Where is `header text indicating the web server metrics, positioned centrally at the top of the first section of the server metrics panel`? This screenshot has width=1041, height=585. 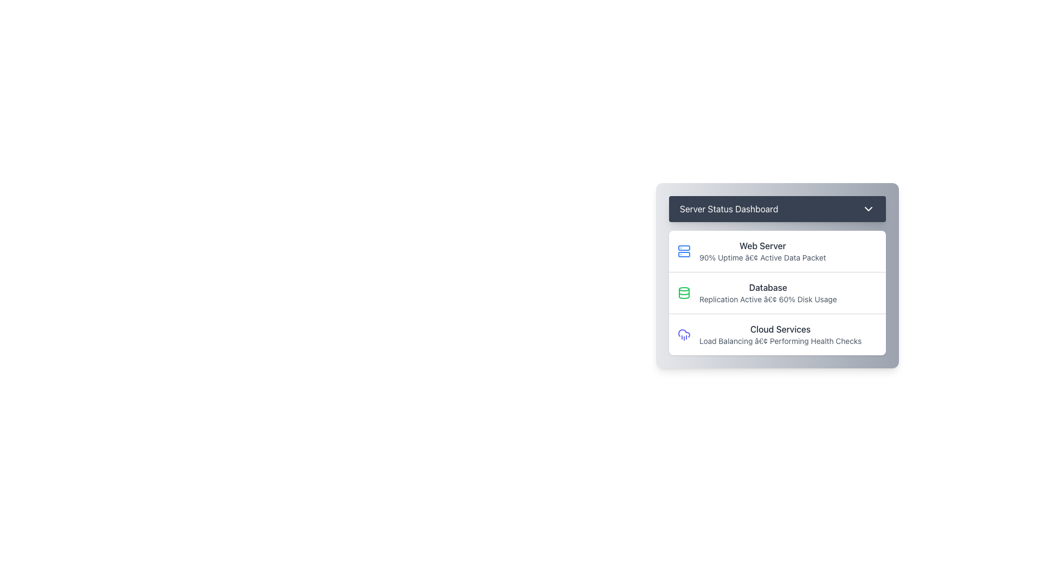 header text indicating the web server metrics, positioned centrally at the top of the first section of the server metrics panel is located at coordinates (762, 246).